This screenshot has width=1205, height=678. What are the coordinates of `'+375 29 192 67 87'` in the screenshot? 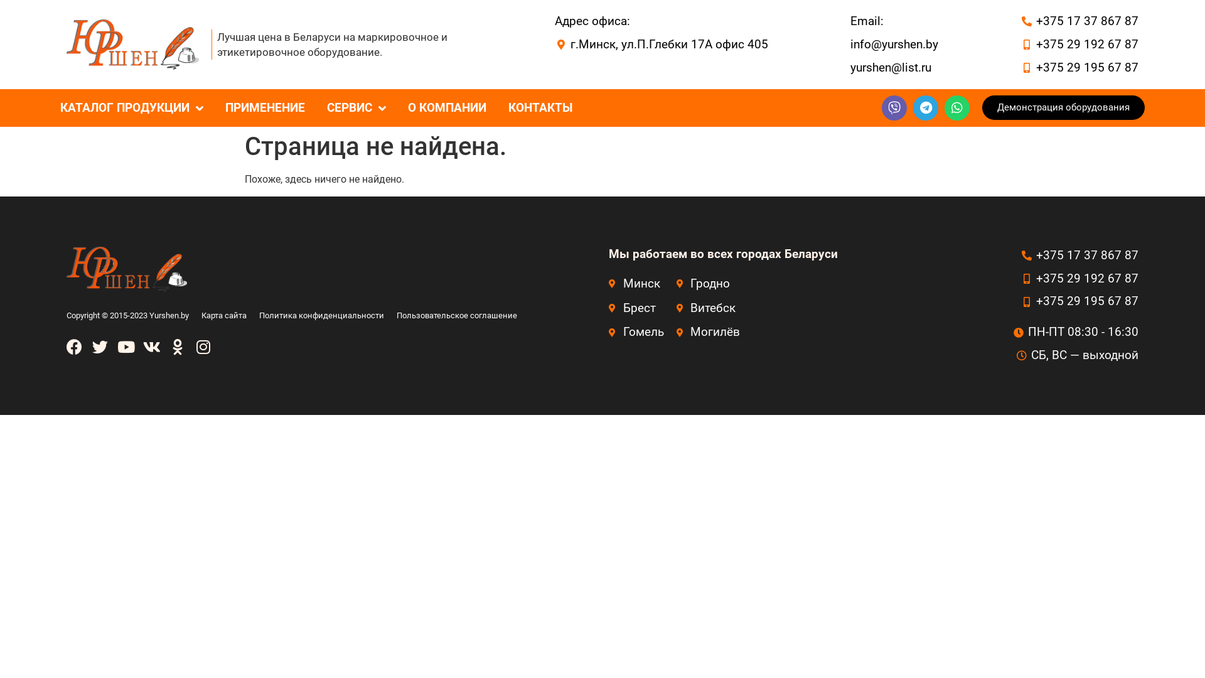 It's located at (1078, 44).